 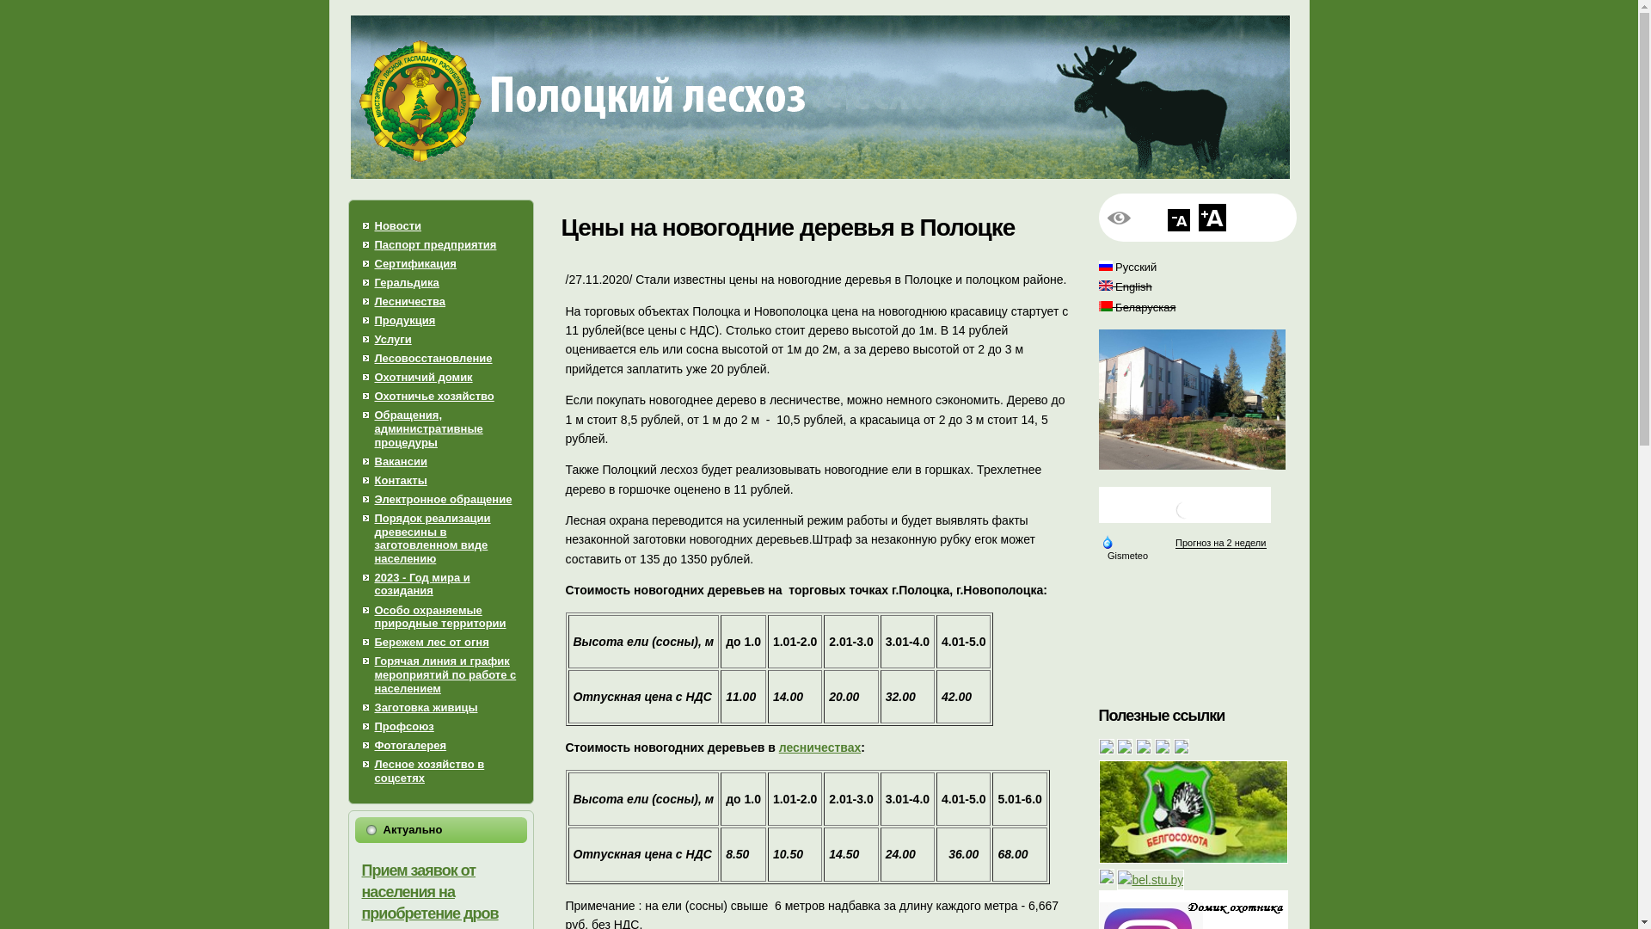 I want to click on 'A', so click(x=1178, y=218).